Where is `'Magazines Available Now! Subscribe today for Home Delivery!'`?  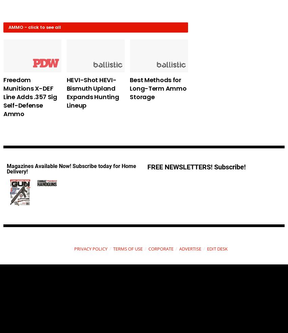
'Magazines Available Now! Subscribe today for Home Delivery!' is located at coordinates (71, 169).